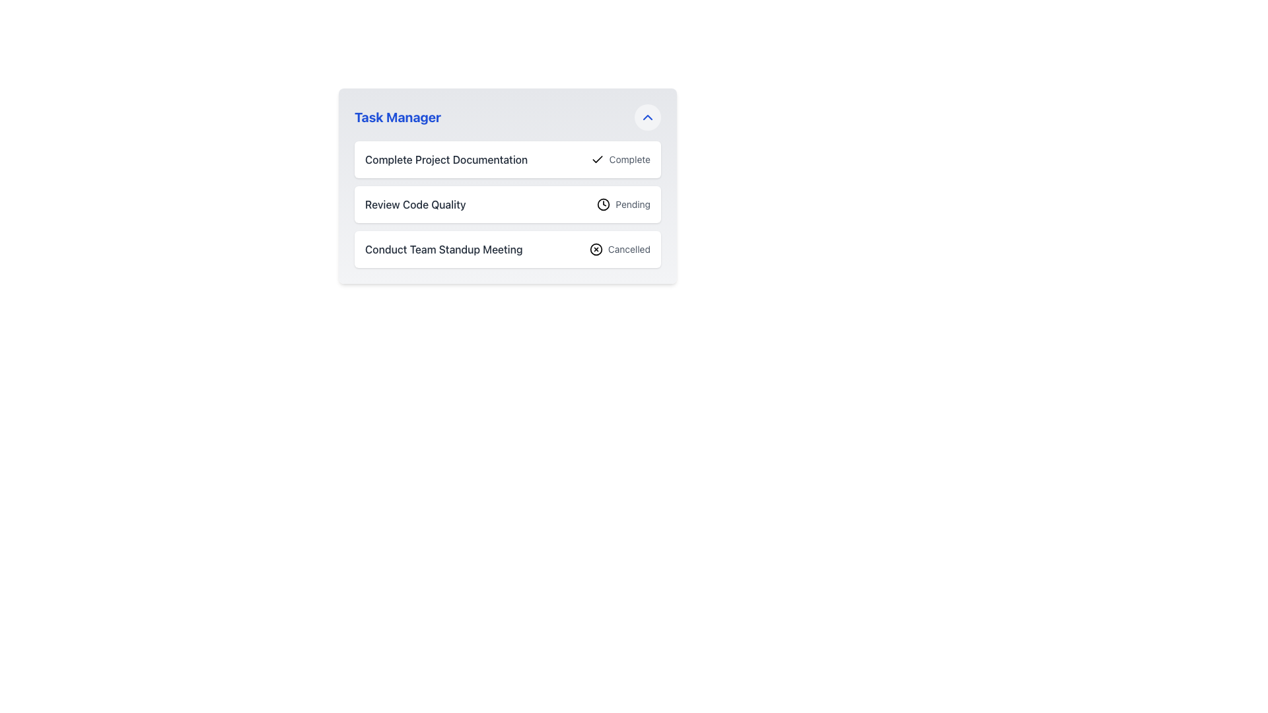 This screenshot has height=713, width=1268. Describe the element at coordinates (446, 159) in the screenshot. I see `the text 'Complete Project Documentation' from the text label located at the top-left section of the task entry card` at that location.